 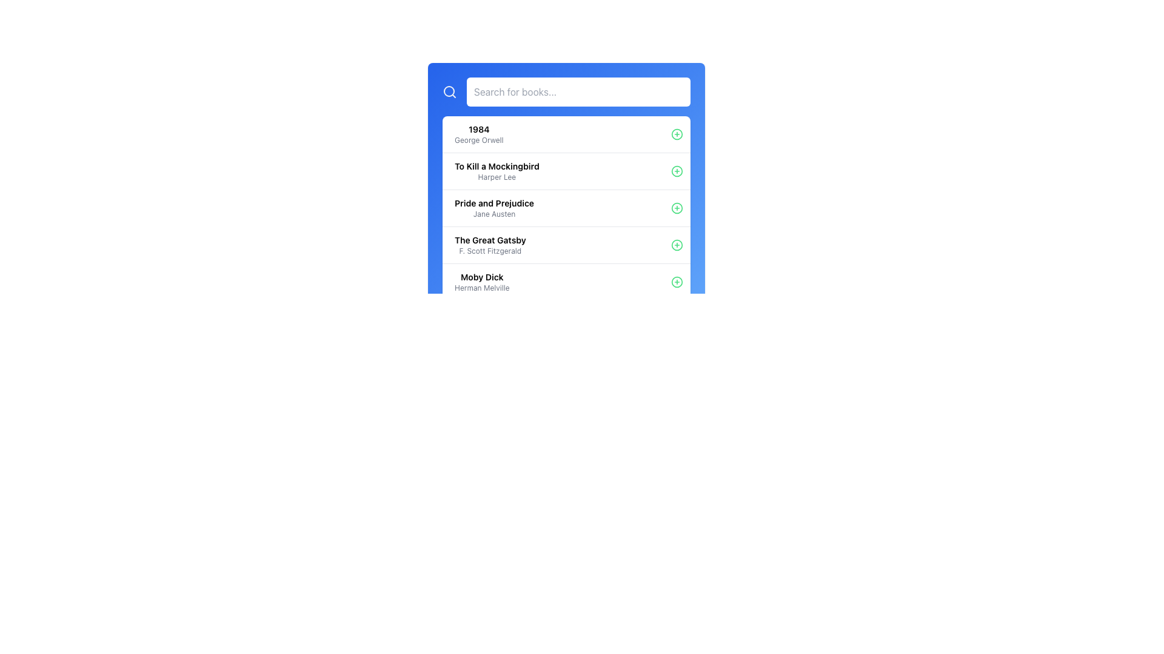 What do you see at coordinates (677, 245) in the screenshot?
I see `the green-bordered circle SVG shape that is part of the icon located to the right of the text 'The Great Gatsby' in the fourth row of the list` at bounding box center [677, 245].